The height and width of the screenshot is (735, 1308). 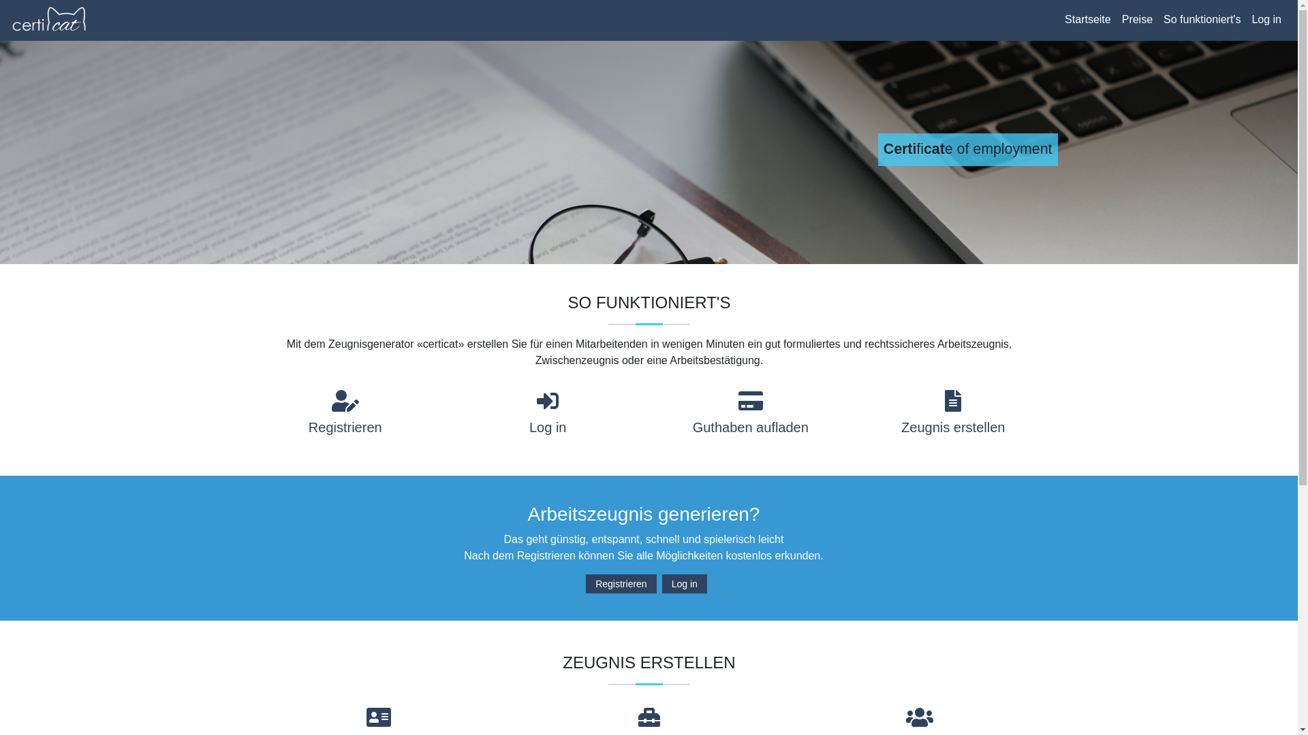 I want to click on 'Log in', so click(x=684, y=583).